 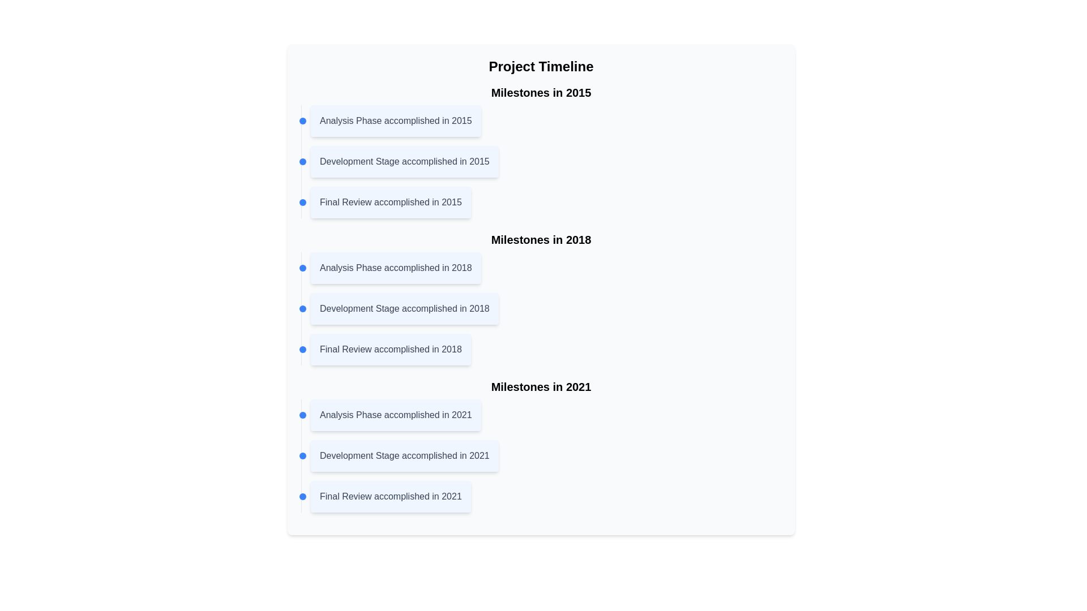 I want to click on the visual indicator circle that marks the milestone for 'Final Review accomplished in 2015' on the vertical timeline, so click(x=302, y=202).